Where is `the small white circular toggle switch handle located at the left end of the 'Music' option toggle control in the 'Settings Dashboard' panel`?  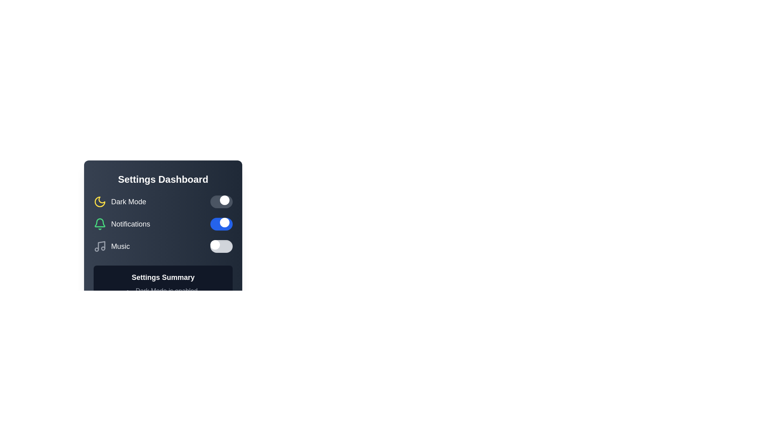 the small white circular toggle switch handle located at the left end of the 'Music' option toggle control in the 'Settings Dashboard' panel is located at coordinates (215, 244).